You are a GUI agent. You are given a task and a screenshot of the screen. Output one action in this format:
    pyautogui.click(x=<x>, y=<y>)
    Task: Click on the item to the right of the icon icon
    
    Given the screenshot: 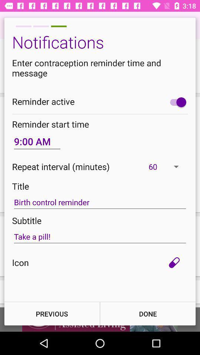 What is the action you would take?
    pyautogui.click(x=174, y=263)
    